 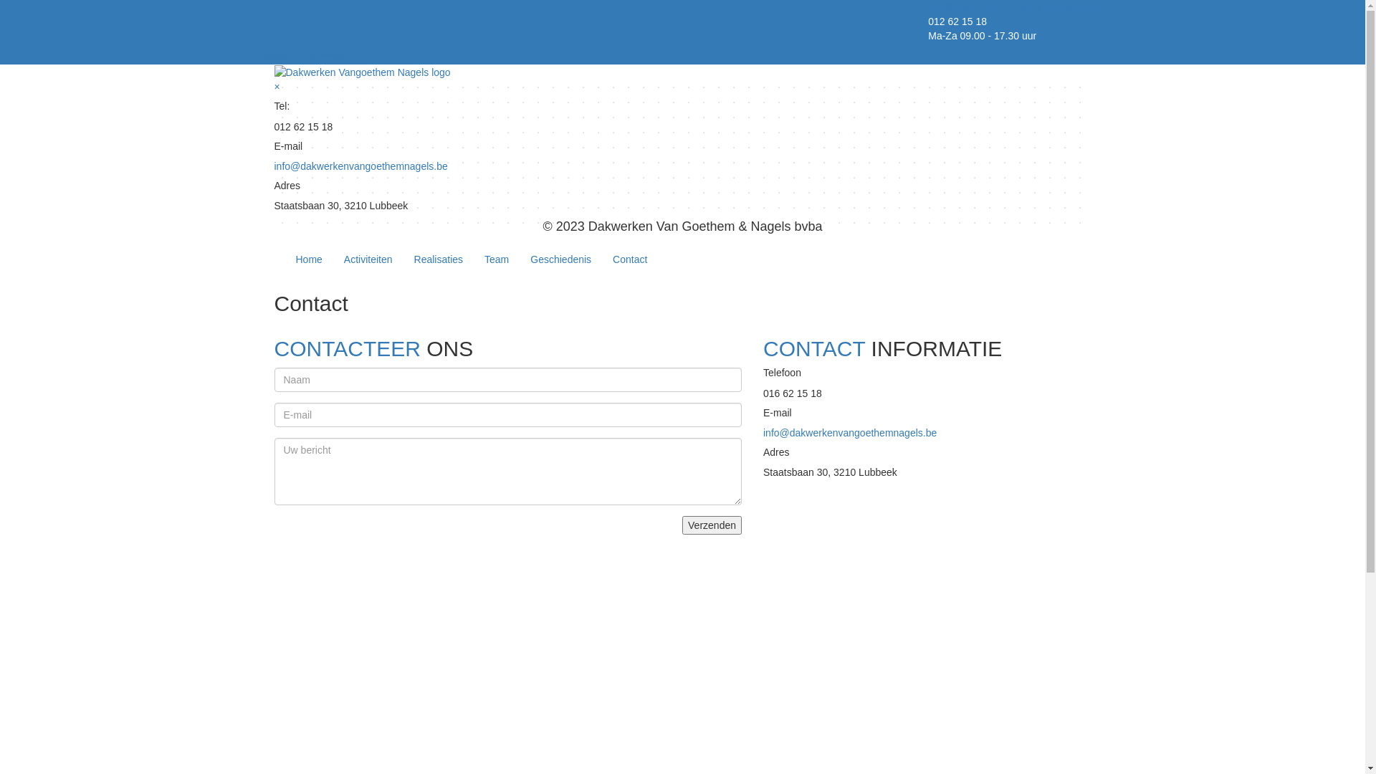 I want to click on 'info@dakwerkenvangoethemnagels.be', so click(x=849, y=432).